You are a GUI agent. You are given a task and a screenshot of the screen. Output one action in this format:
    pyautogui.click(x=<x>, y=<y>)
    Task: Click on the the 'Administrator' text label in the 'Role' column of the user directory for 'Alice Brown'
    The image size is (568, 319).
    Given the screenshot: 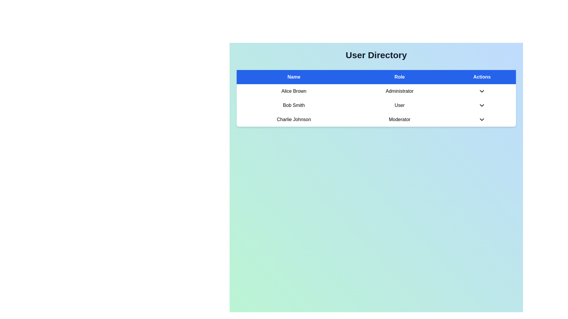 What is the action you would take?
    pyautogui.click(x=399, y=91)
    